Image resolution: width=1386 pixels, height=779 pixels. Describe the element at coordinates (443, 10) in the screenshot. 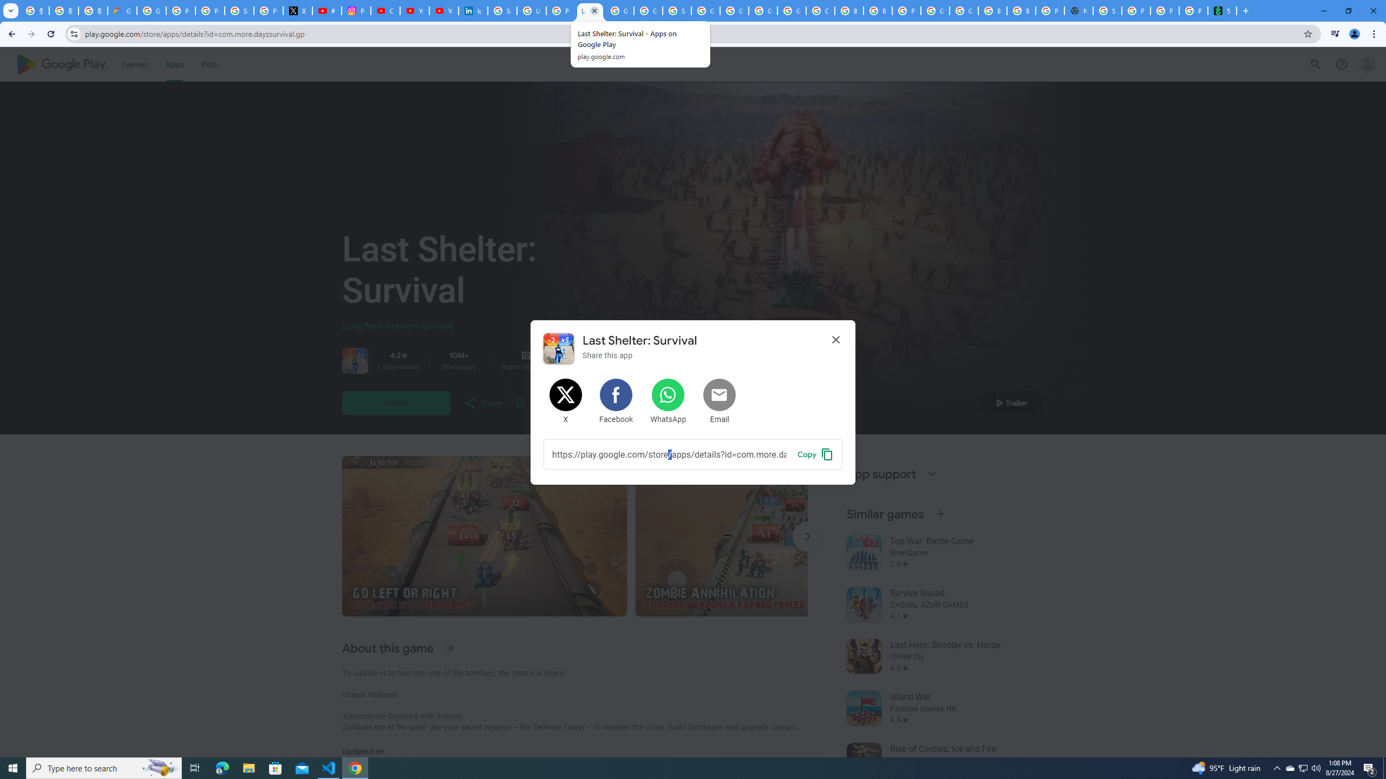

I see `'YouTube Culture & Trends - YouTube Top 10, 2021'` at that location.